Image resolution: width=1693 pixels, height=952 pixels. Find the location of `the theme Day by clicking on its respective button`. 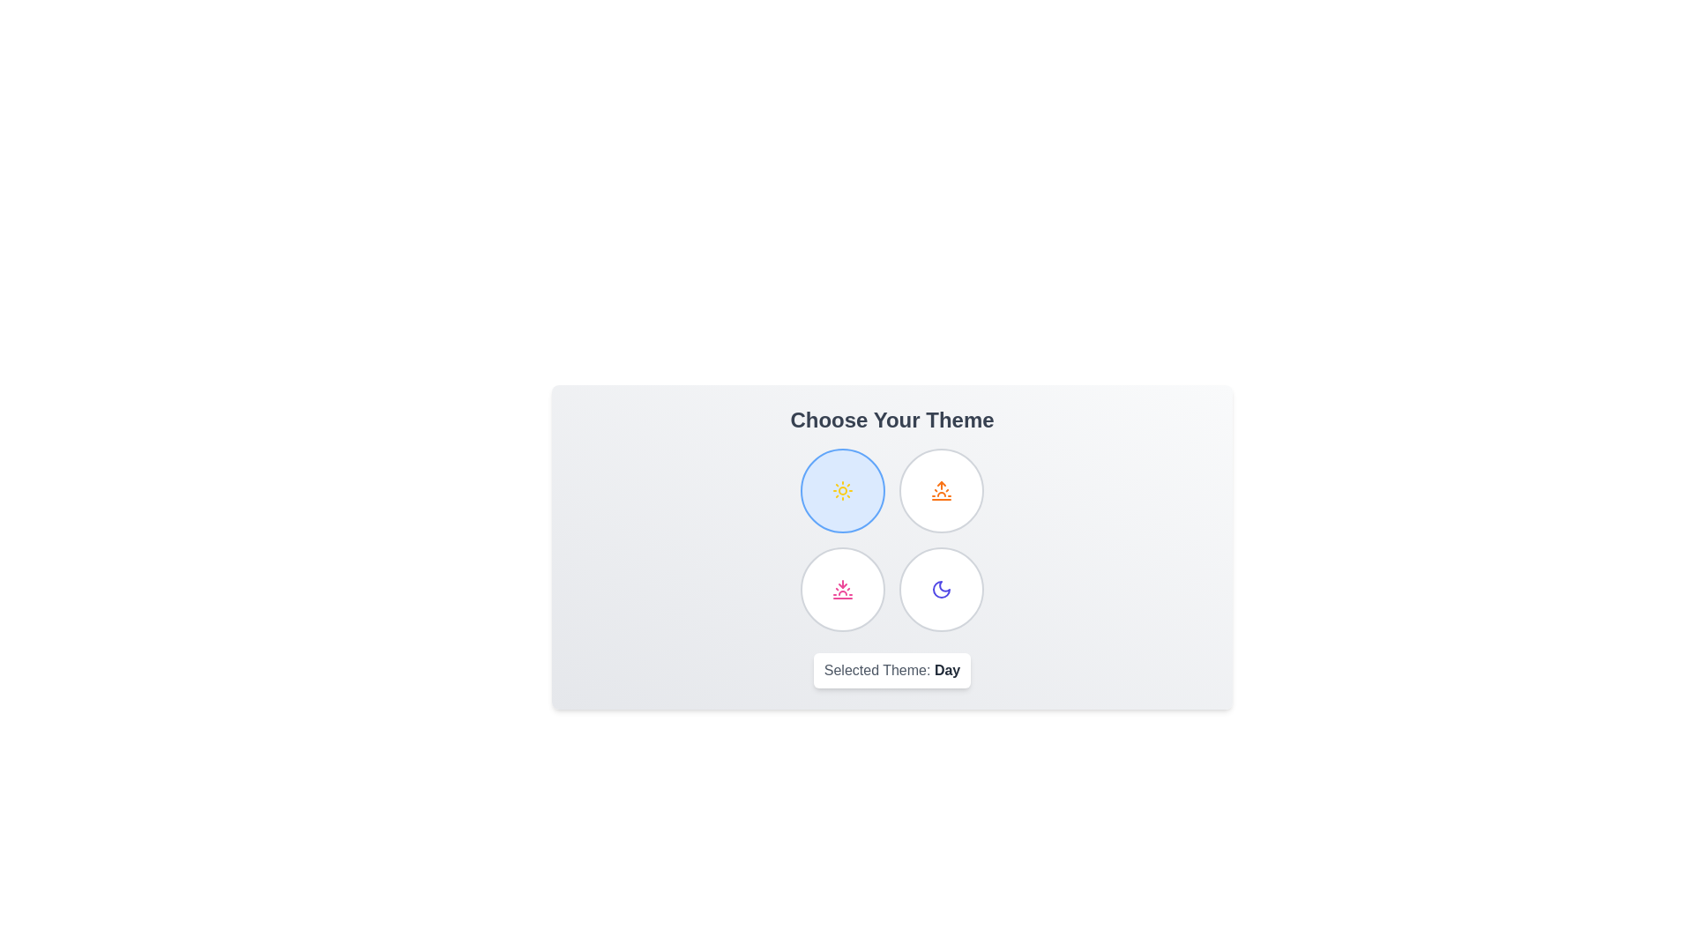

the theme Day by clicking on its respective button is located at coordinates (841, 490).